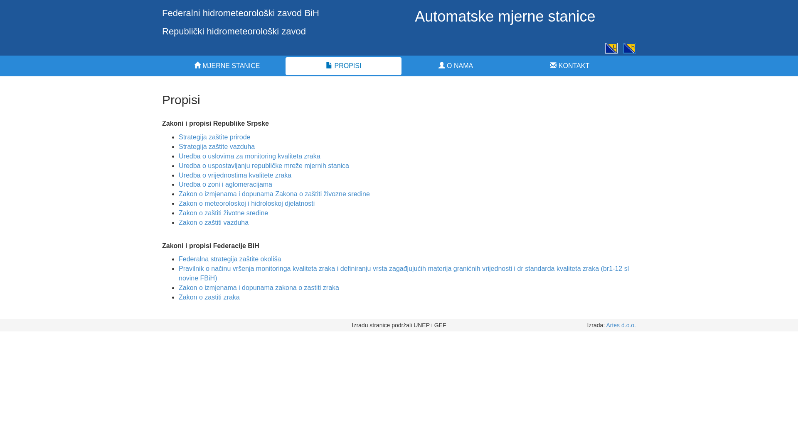 This screenshot has width=798, height=448. I want to click on 'O NAMA', so click(455, 66).